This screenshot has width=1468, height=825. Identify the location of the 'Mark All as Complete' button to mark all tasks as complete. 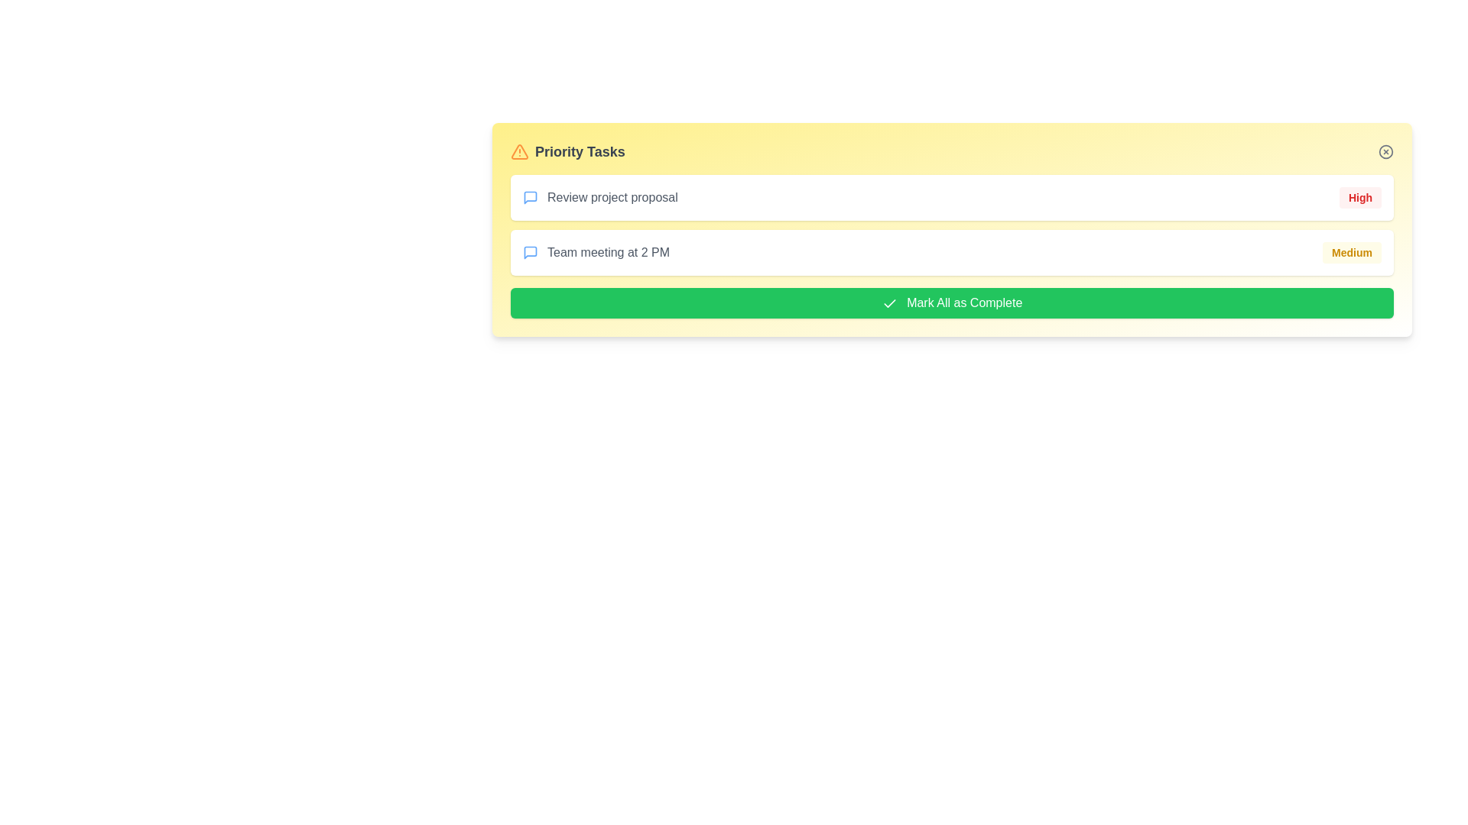
(951, 303).